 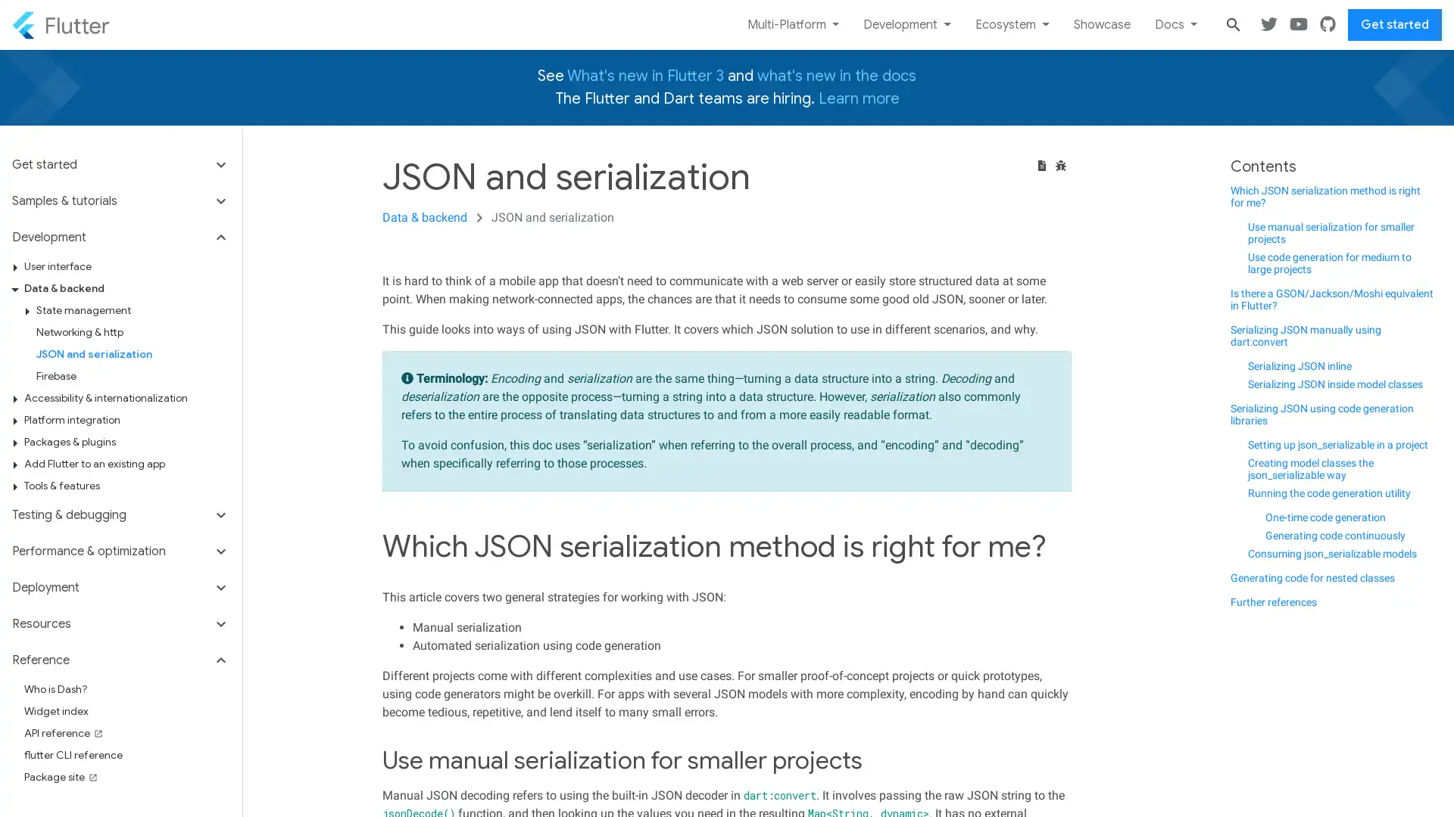 I want to click on Performance & optimization keyboard_arrow_down, so click(x=120, y=551).